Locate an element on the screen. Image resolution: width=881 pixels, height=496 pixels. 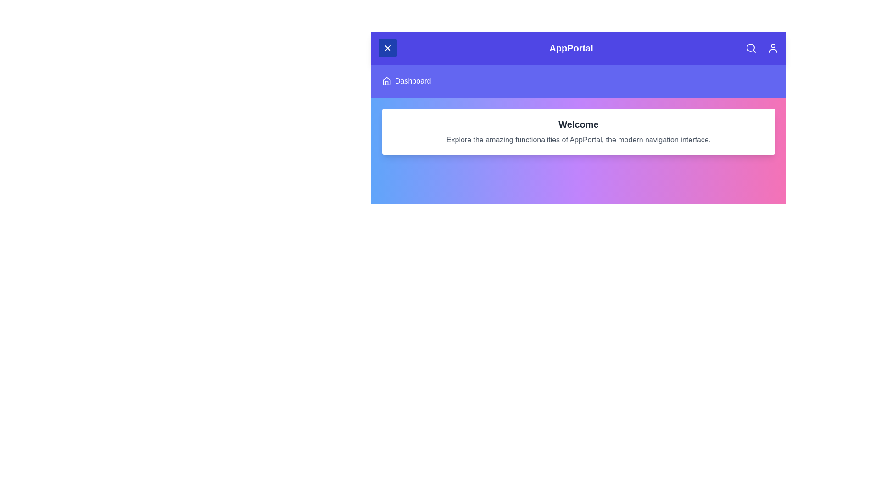
the menu button to toggle the menu visibility is located at coordinates (387, 48).